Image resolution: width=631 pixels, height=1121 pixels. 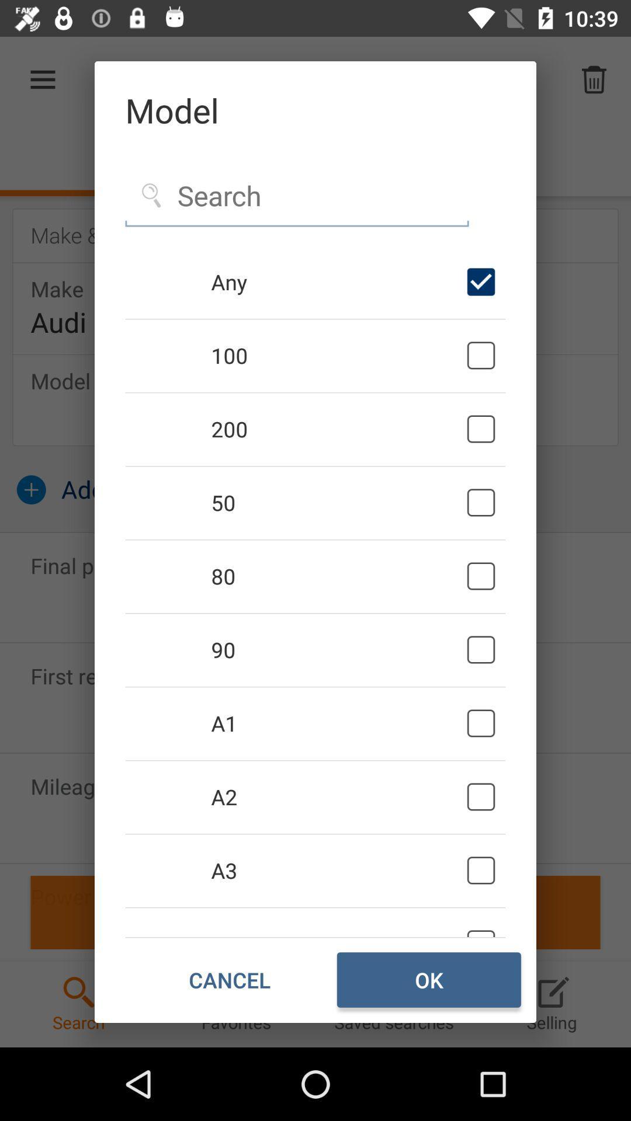 I want to click on the icon below the a2, so click(x=337, y=871).